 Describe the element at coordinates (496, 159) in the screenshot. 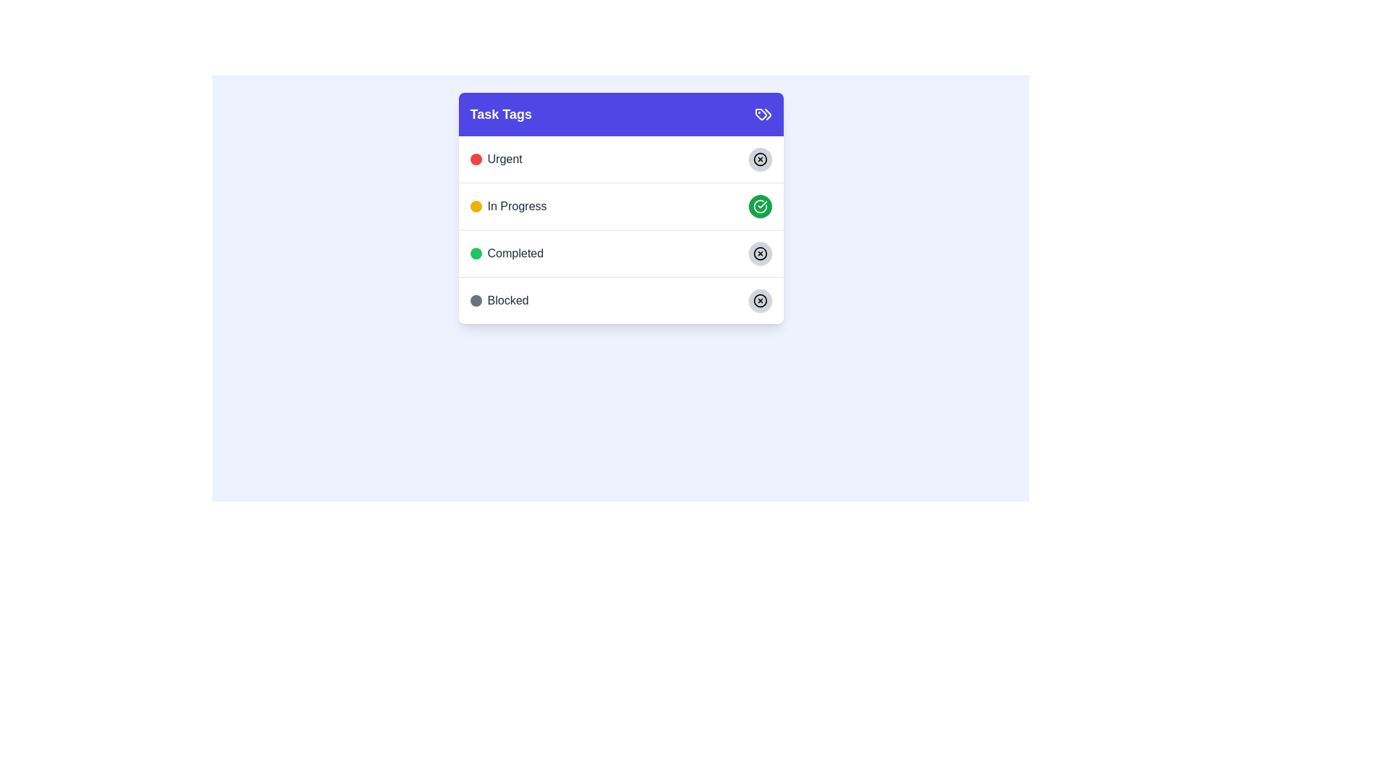

I see `the 'Urgent' labeled tag element located at the top of the 'Task Tags' section` at that location.